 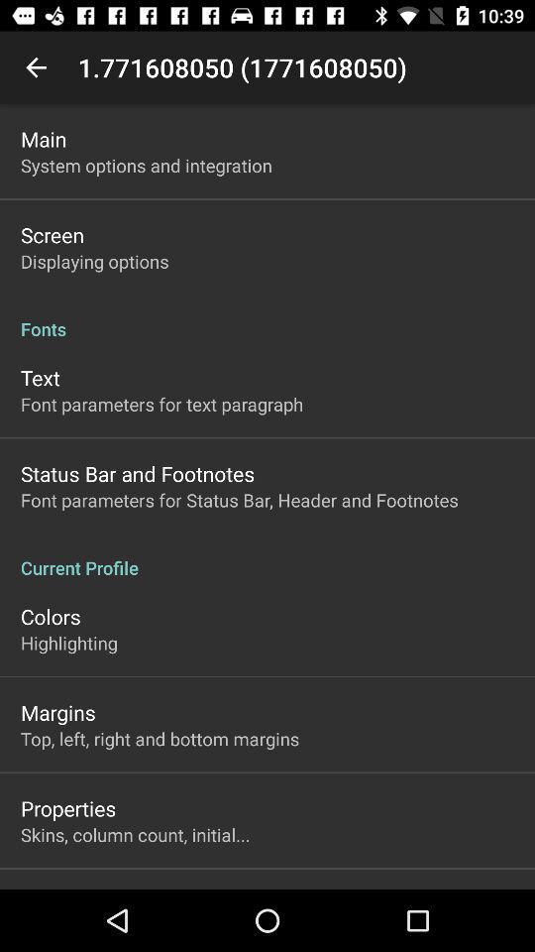 What do you see at coordinates (267, 557) in the screenshot?
I see `the icon below the font parameters for` at bounding box center [267, 557].